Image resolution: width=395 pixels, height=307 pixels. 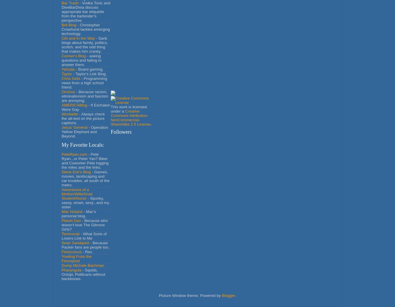 What do you see at coordinates (76, 258) in the screenshot?
I see `'Yowling From the Fencepost'` at bounding box center [76, 258].